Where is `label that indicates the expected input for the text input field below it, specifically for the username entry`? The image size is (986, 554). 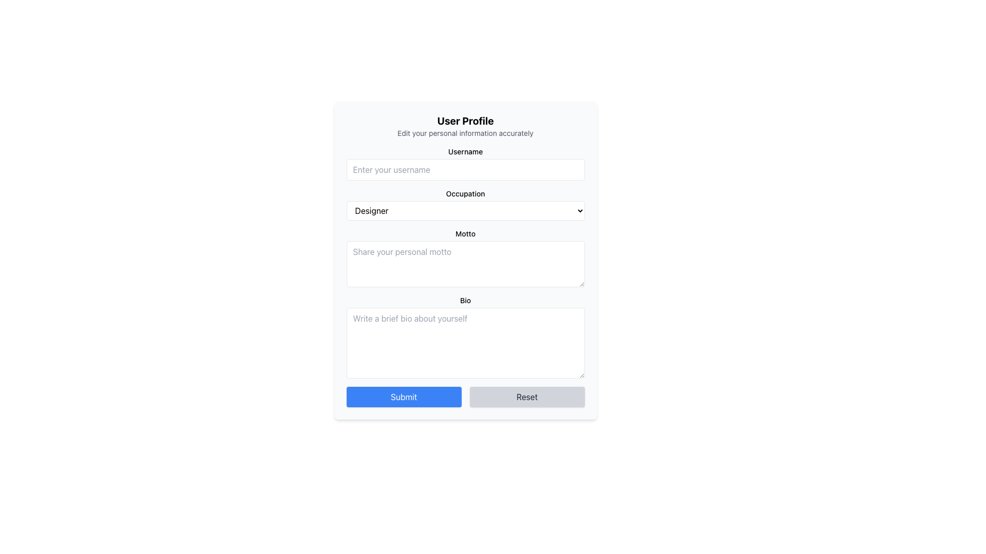 label that indicates the expected input for the text input field below it, specifically for the username entry is located at coordinates (465, 152).